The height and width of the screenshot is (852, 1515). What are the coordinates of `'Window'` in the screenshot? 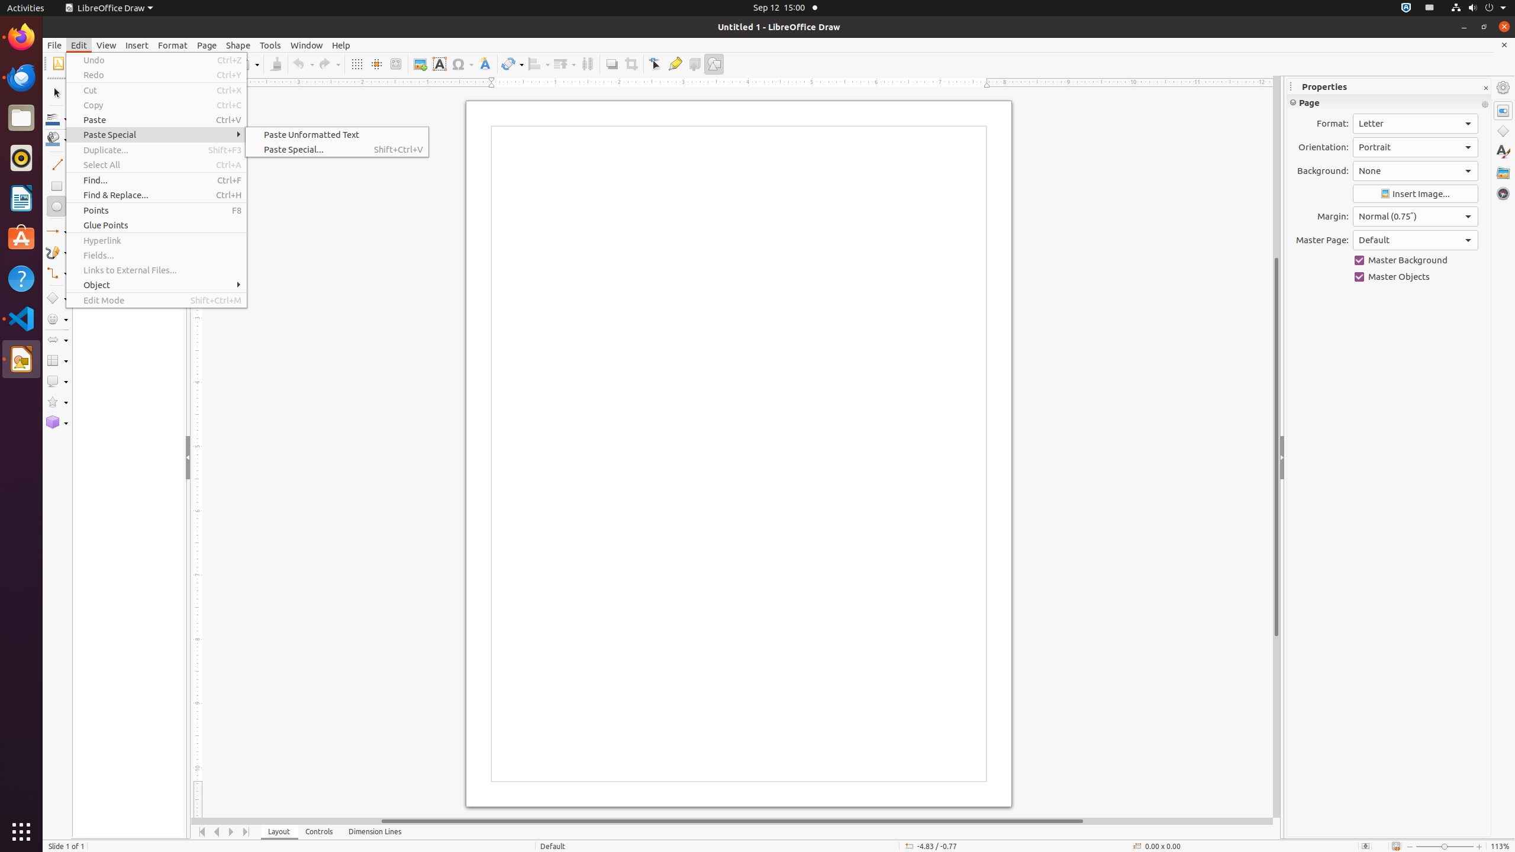 It's located at (306, 45).